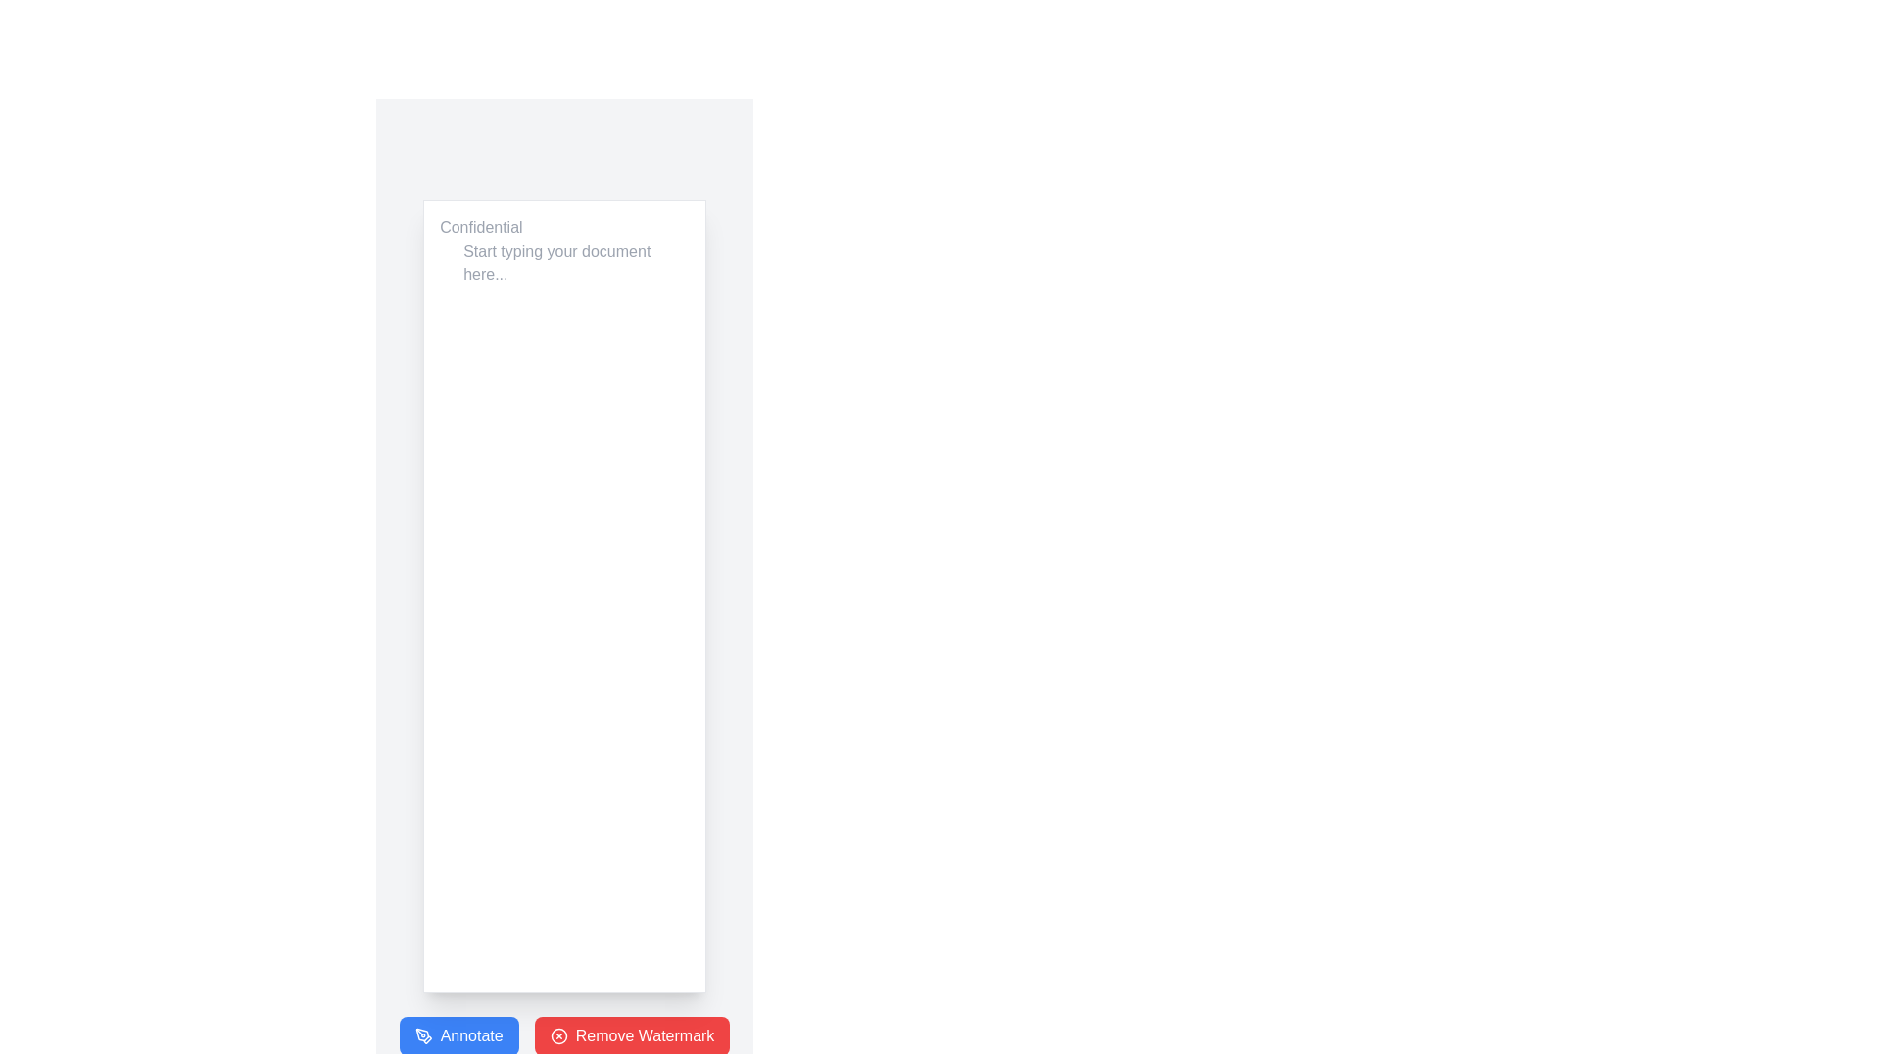 This screenshot has width=1881, height=1058. Describe the element at coordinates (458, 1034) in the screenshot. I see `the 'Annotate' button with a sky blue background and a pen tool icon` at that location.